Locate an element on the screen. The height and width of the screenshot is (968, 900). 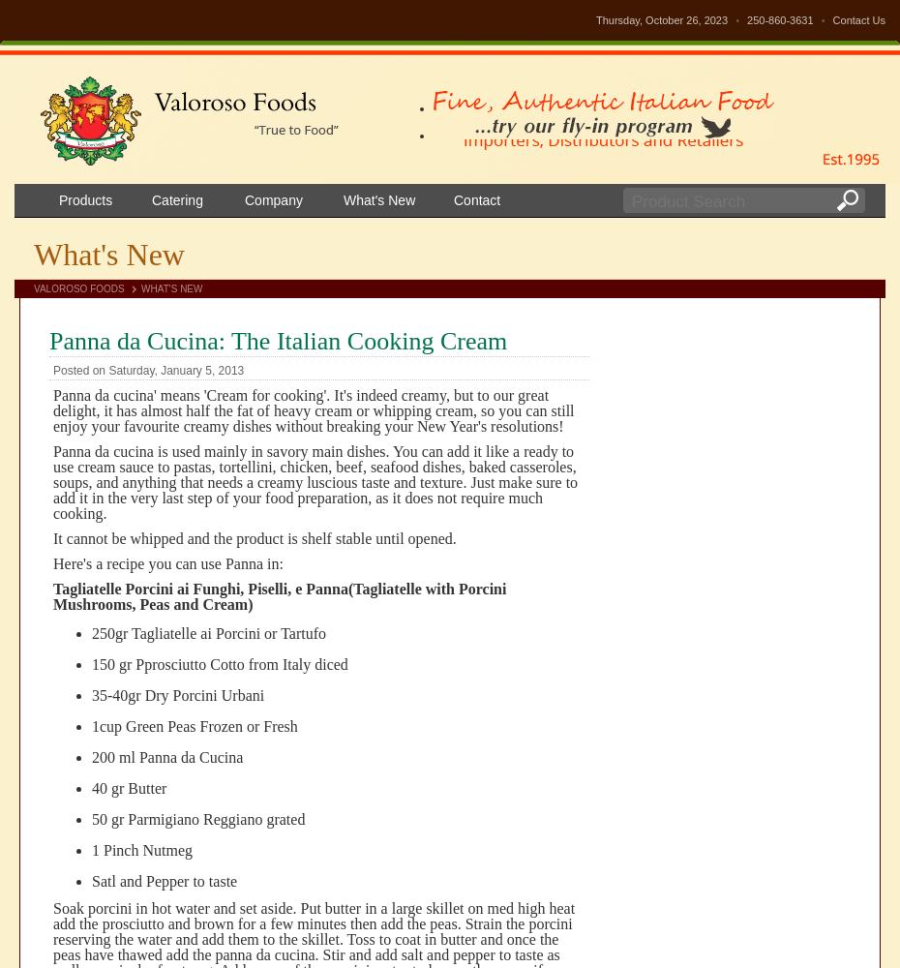
'Products' is located at coordinates (85, 199).